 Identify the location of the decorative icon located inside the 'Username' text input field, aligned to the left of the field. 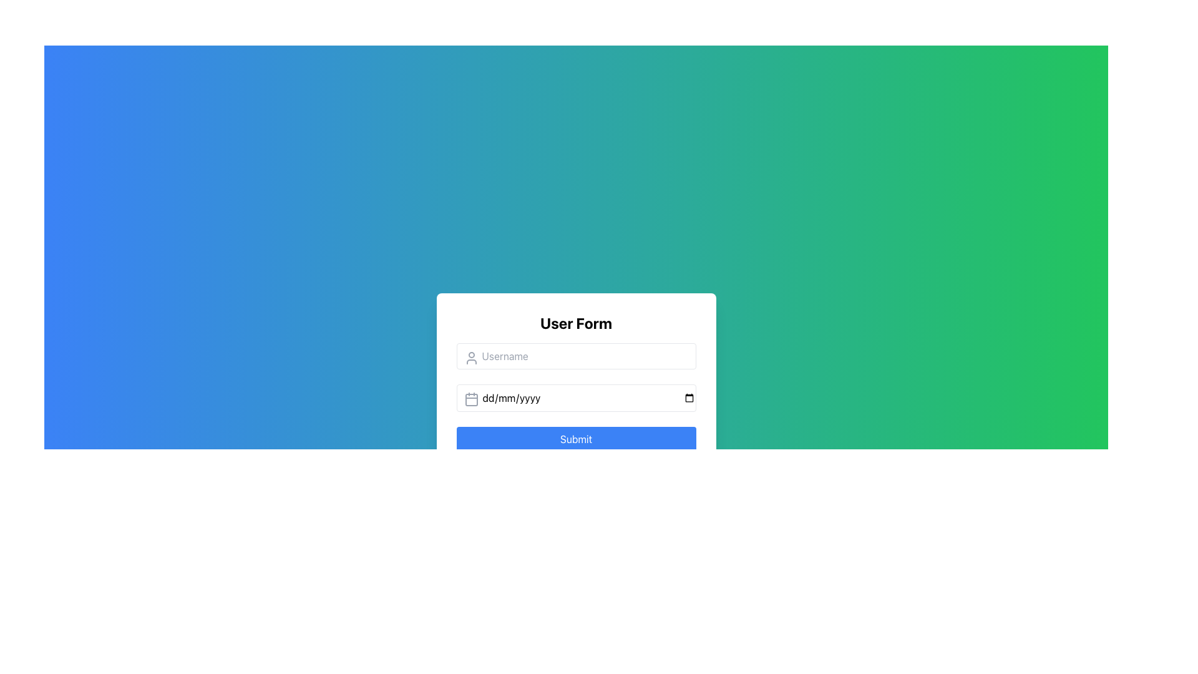
(470, 358).